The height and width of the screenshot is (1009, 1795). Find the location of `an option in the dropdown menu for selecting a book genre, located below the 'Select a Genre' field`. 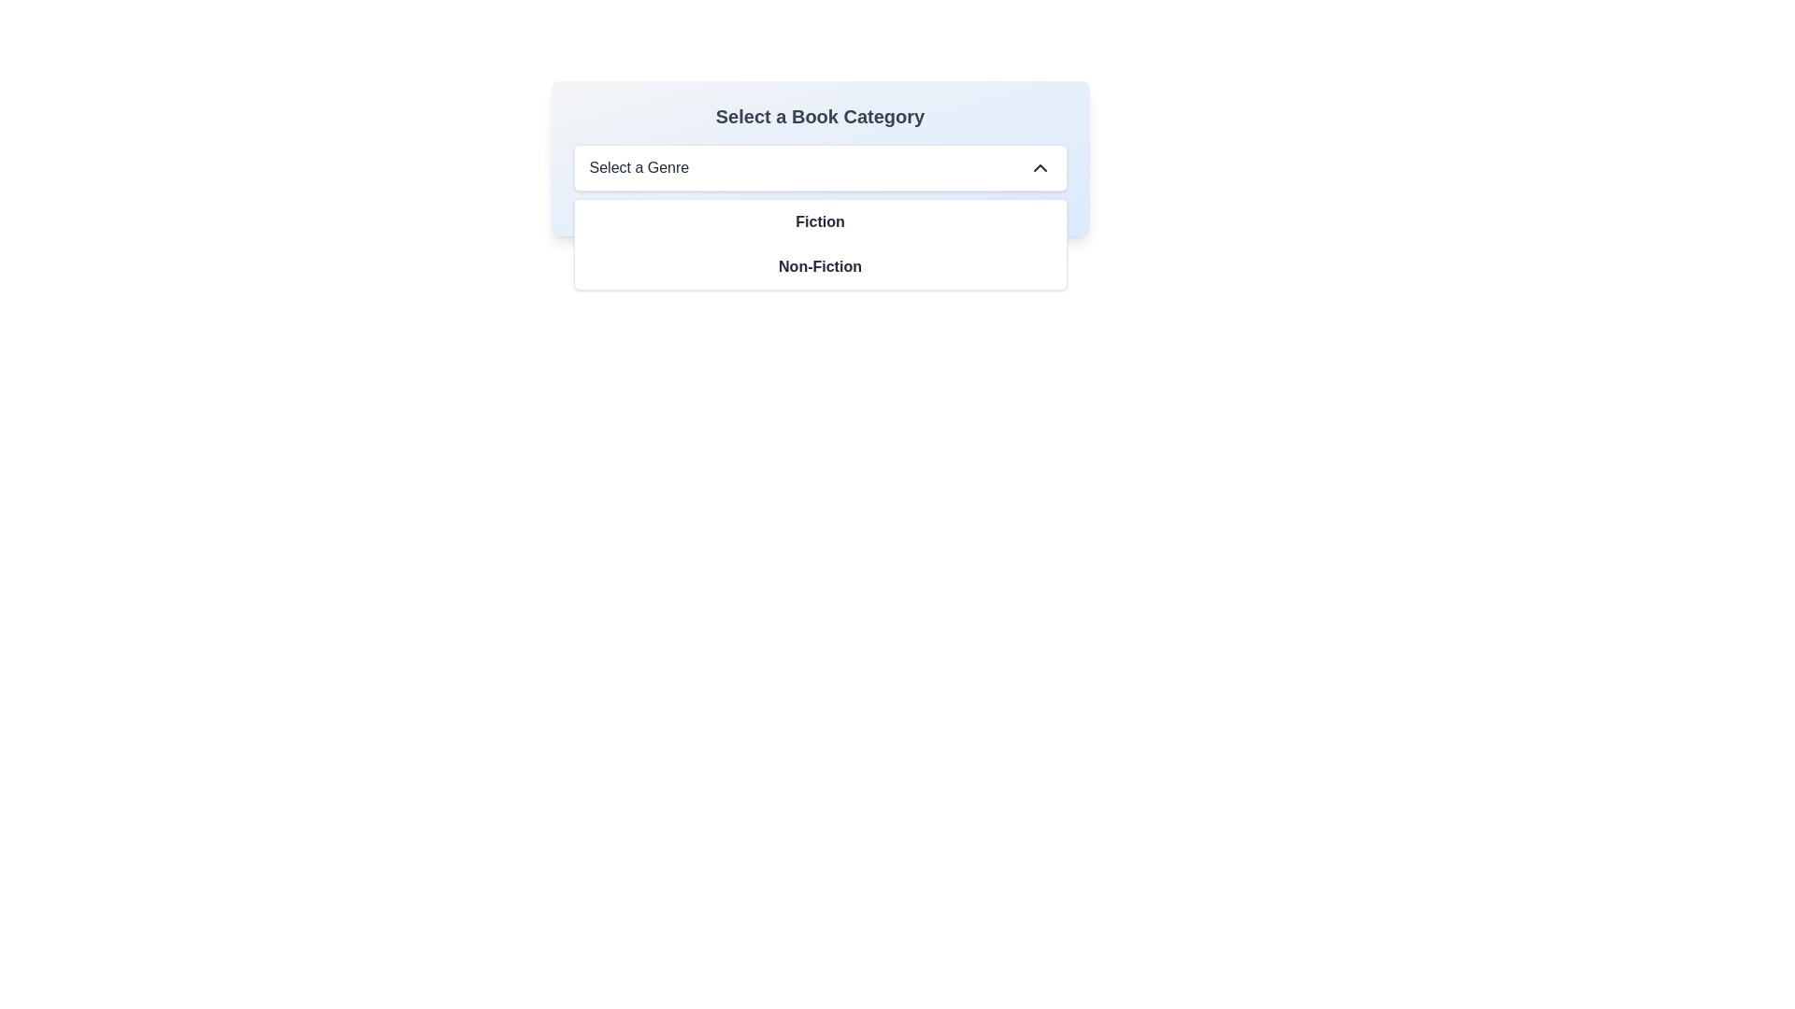

an option in the dropdown menu for selecting a book genre, located below the 'Select a Genre' field is located at coordinates (820, 244).